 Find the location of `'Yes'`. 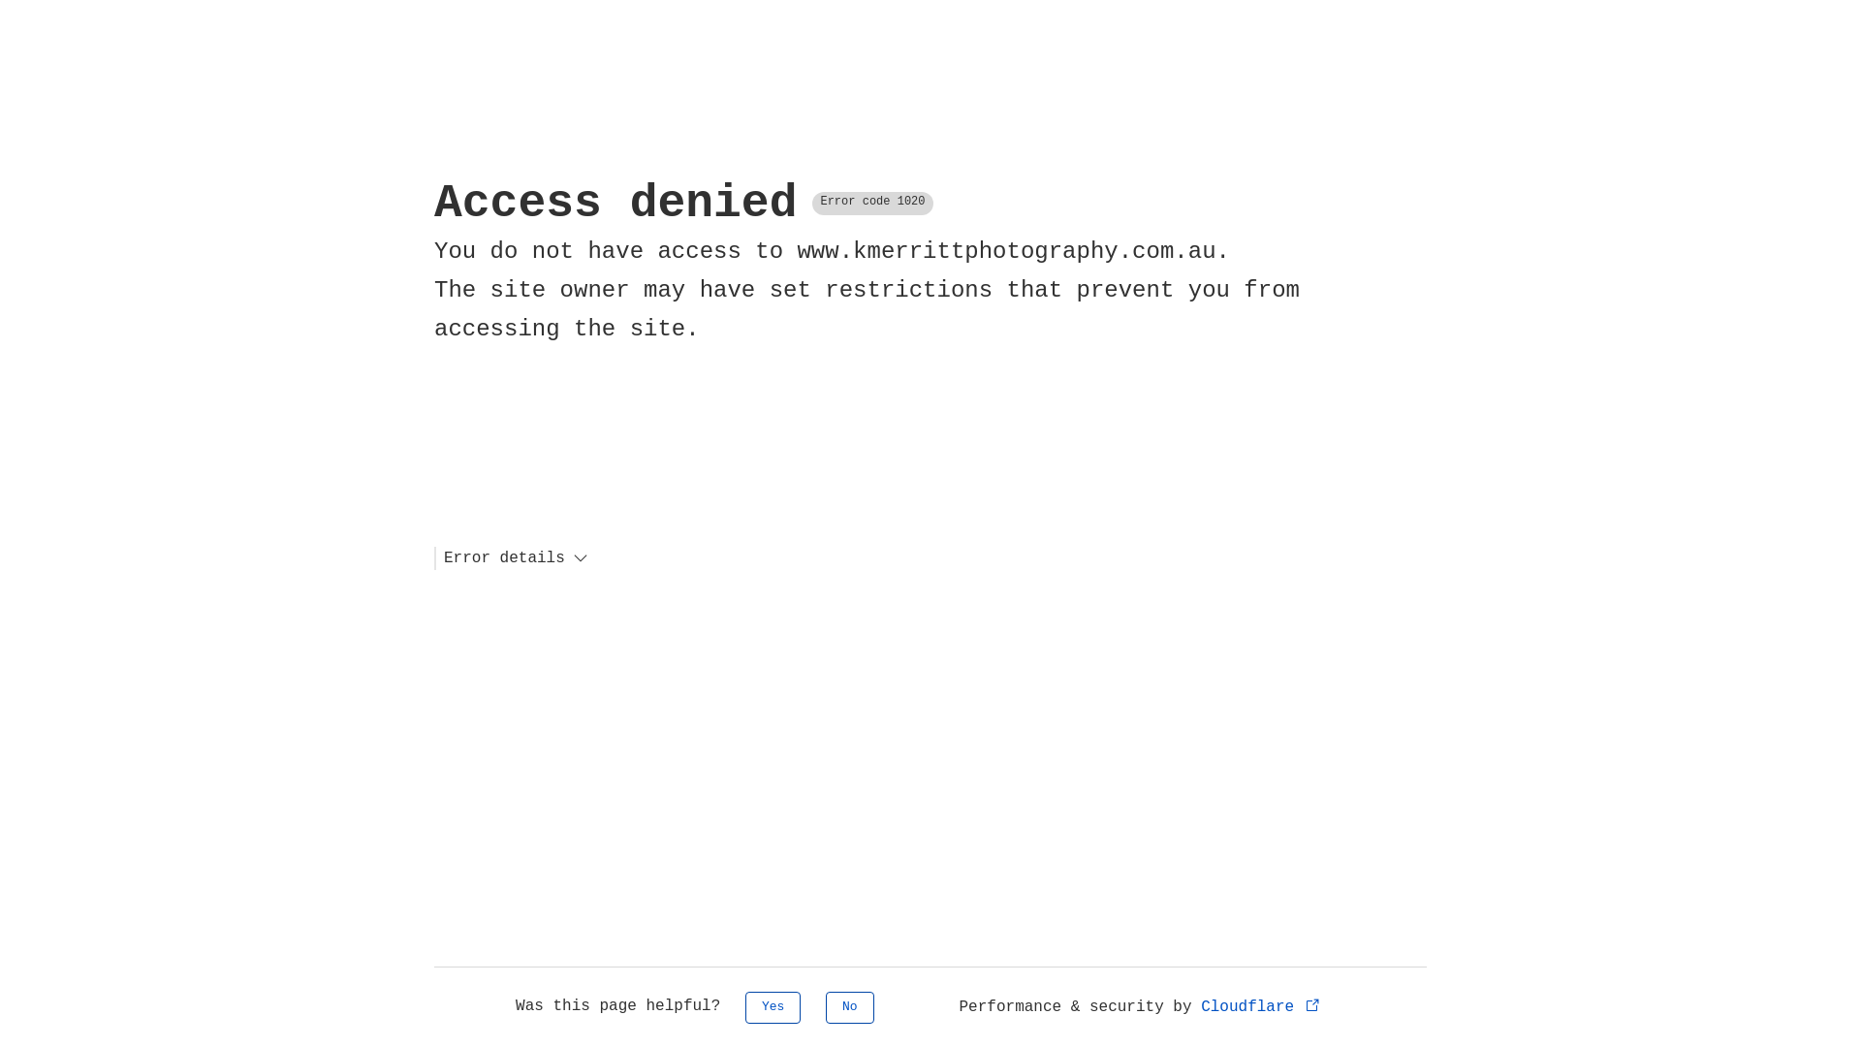

'Yes' is located at coordinates (772, 1006).